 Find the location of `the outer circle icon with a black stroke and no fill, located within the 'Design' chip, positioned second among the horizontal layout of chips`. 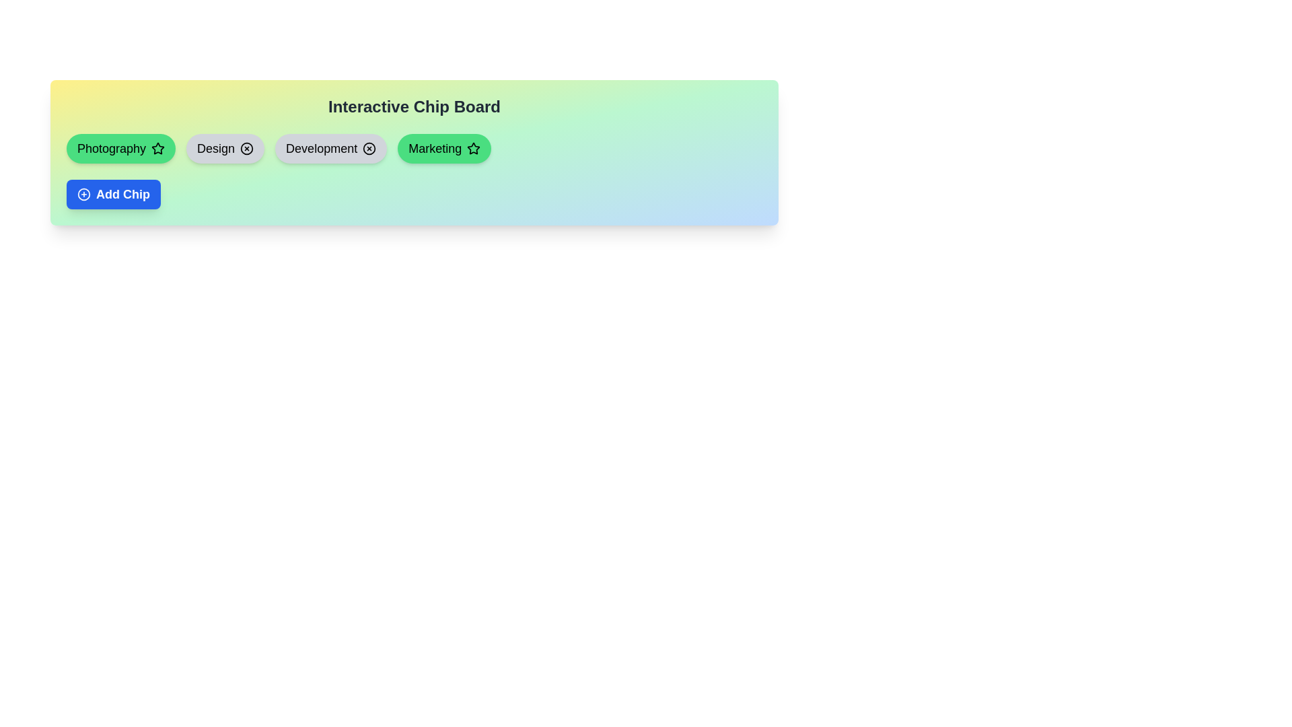

the outer circle icon with a black stroke and no fill, located within the 'Design' chip, positioned second among the horizontal layout of chips is located at coordinates (247, 148).